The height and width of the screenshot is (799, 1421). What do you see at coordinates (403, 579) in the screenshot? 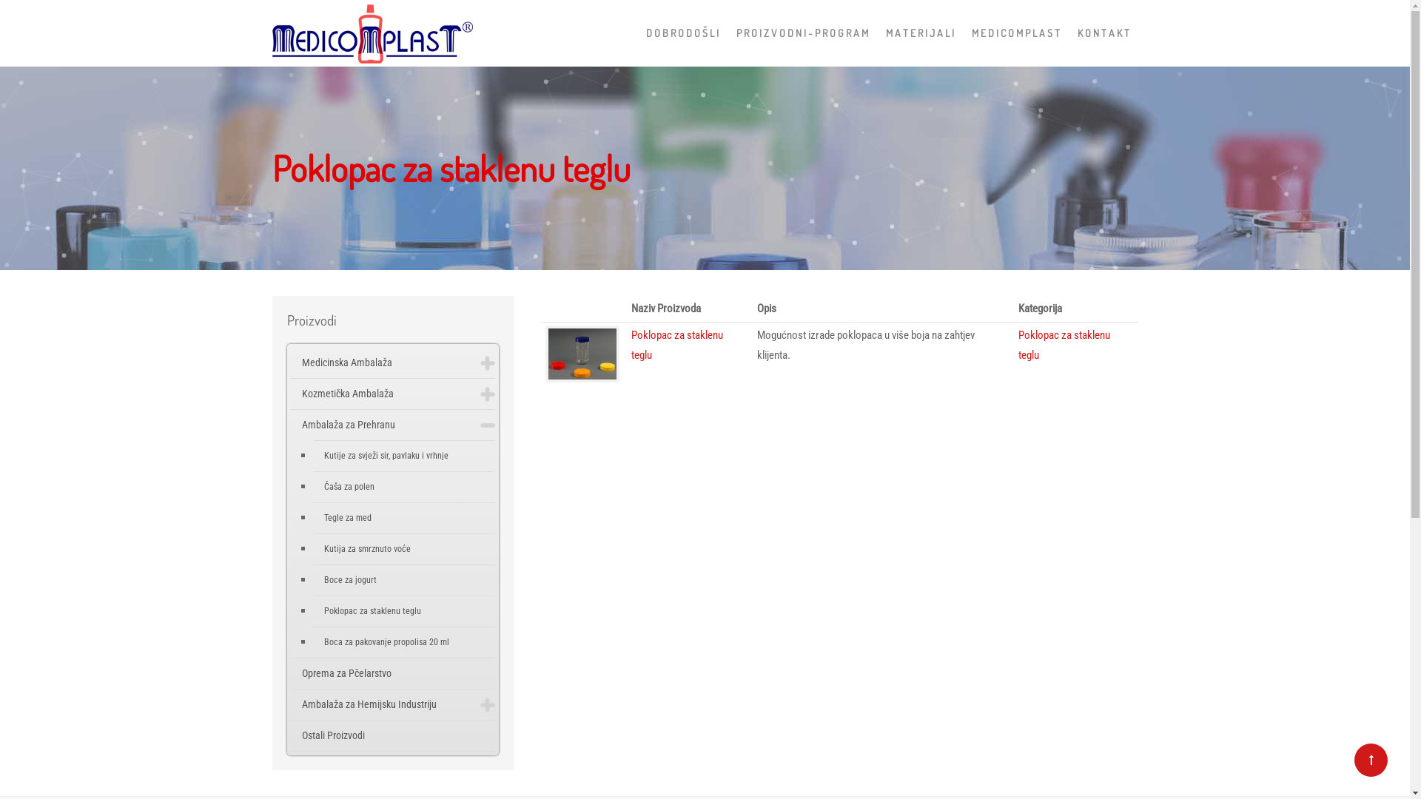
I see `'Boce za jogurt'` at bounding box center [403, 579].